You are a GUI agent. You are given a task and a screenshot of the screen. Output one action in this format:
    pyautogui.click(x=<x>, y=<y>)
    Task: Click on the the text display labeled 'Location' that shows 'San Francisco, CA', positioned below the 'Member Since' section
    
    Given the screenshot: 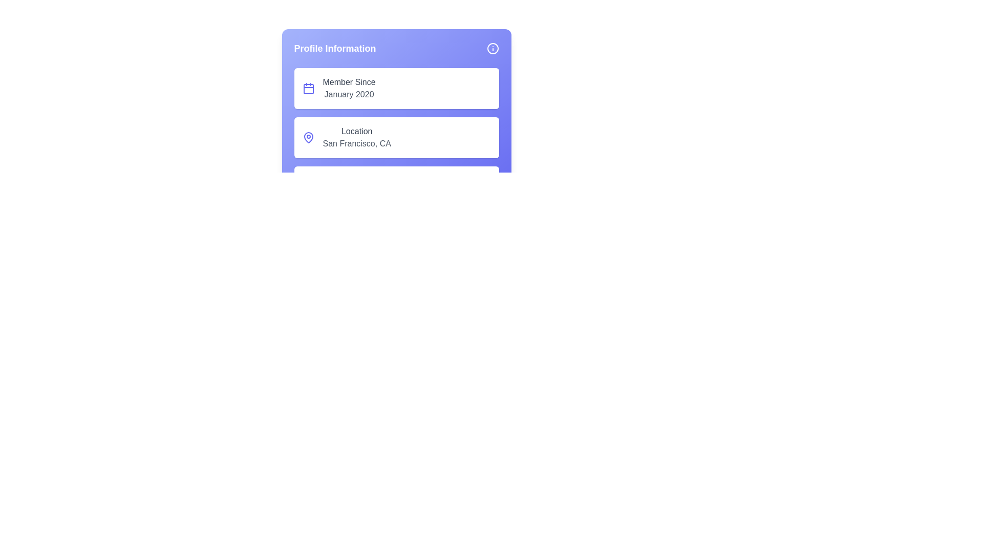 What is the action you would take?
    pyautogui.click(x=357, y=137)
    